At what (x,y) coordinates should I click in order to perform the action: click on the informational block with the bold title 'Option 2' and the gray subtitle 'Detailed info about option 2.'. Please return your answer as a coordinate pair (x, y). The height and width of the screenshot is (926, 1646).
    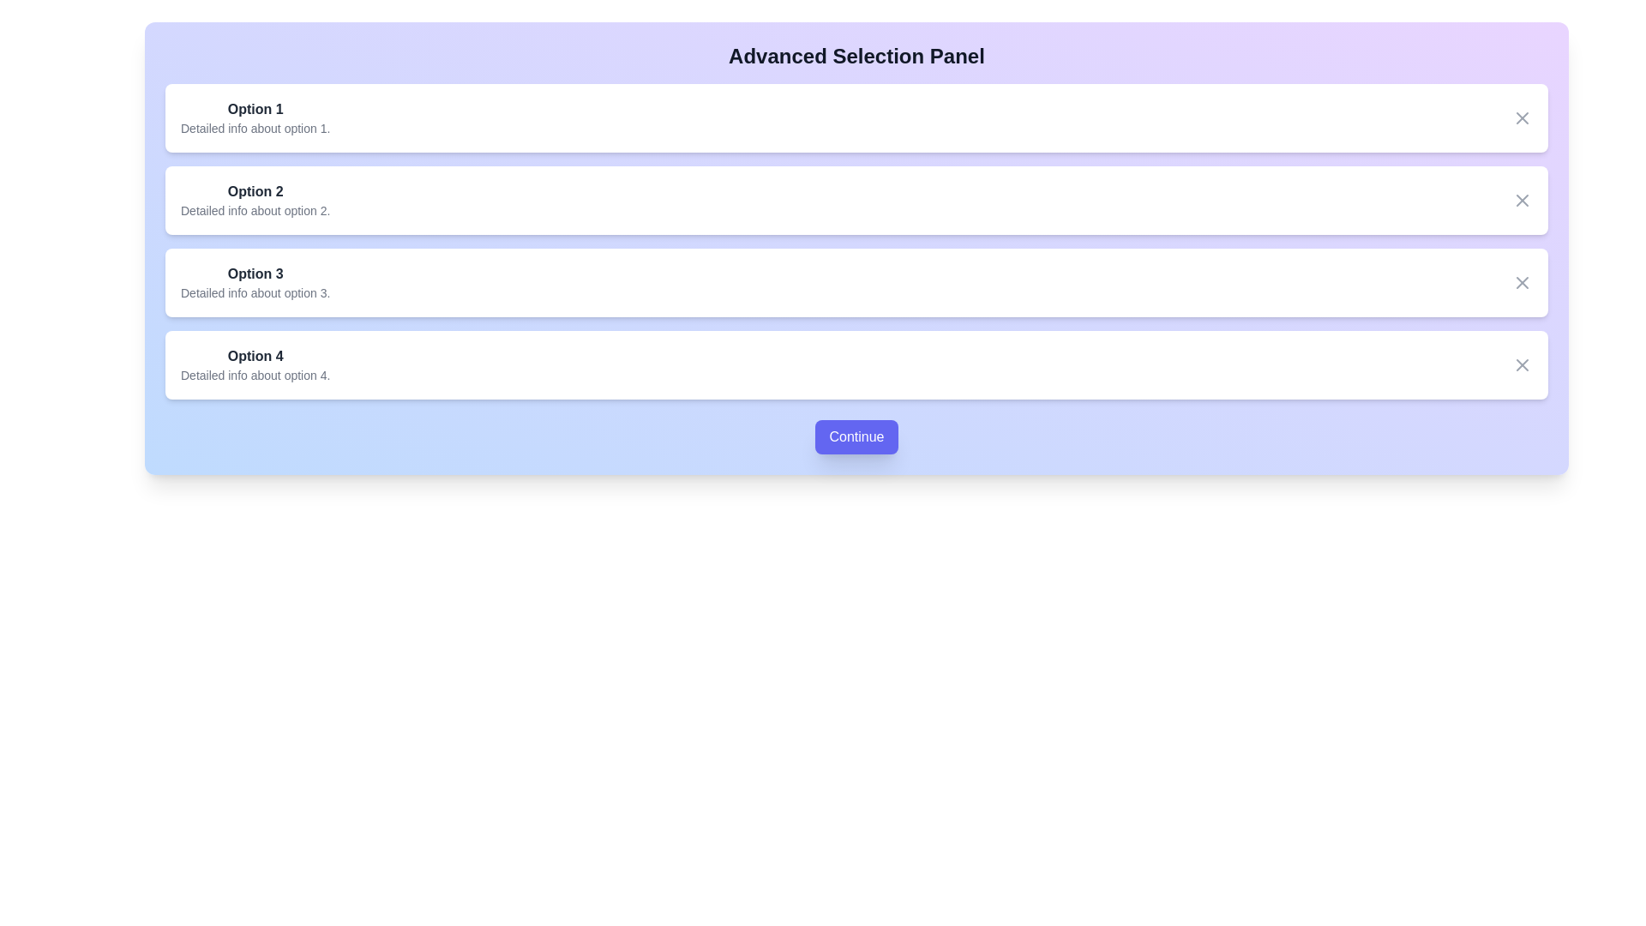
    Looking at the image, I should click on (254, 200).